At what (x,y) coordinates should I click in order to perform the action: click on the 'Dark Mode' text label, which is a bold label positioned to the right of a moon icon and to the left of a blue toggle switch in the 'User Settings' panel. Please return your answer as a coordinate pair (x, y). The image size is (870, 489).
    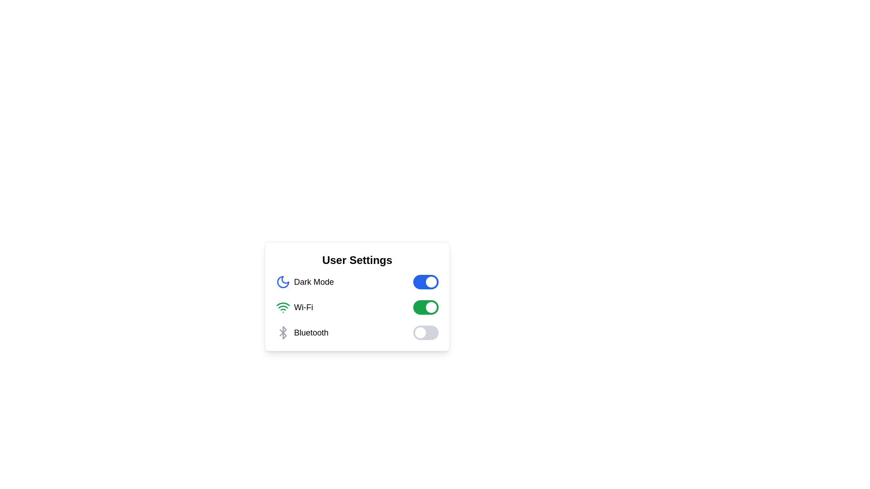
    Looking at the image, I should click on (314, 282).